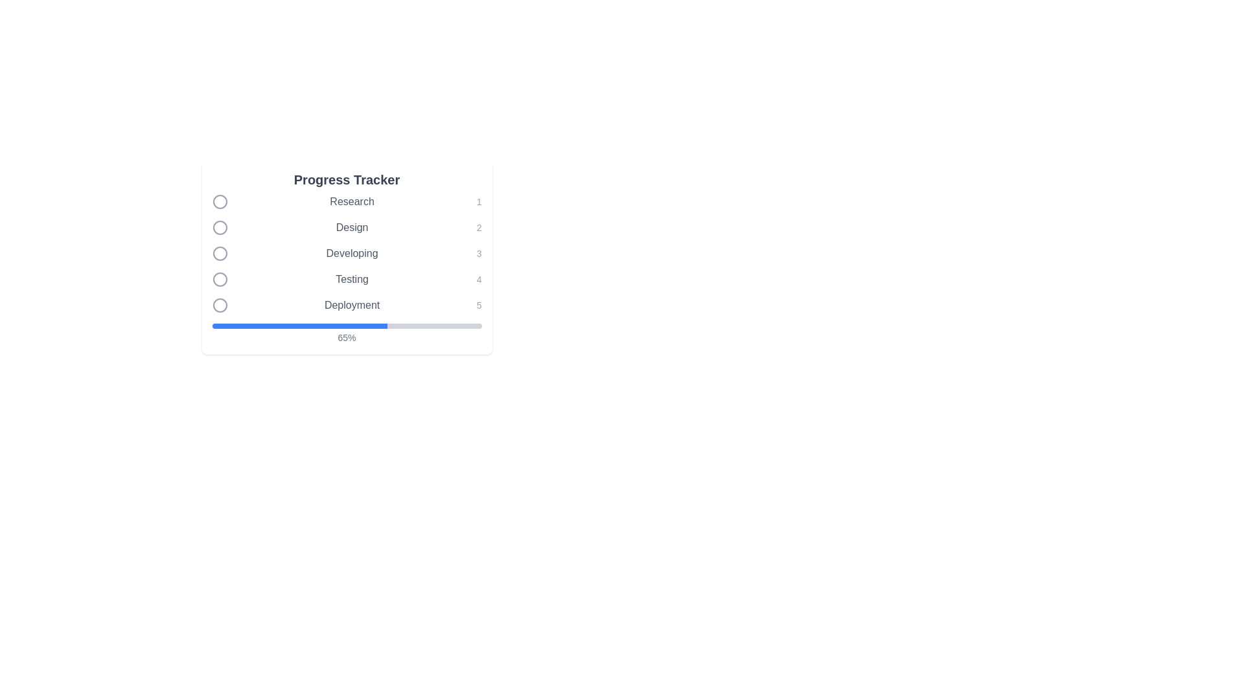  Describe the element at coordinates (347, 333) in the screenshot. I see `the progress bar indicating 65% completion, which is the bottommost element in the progress tracker` at that location.